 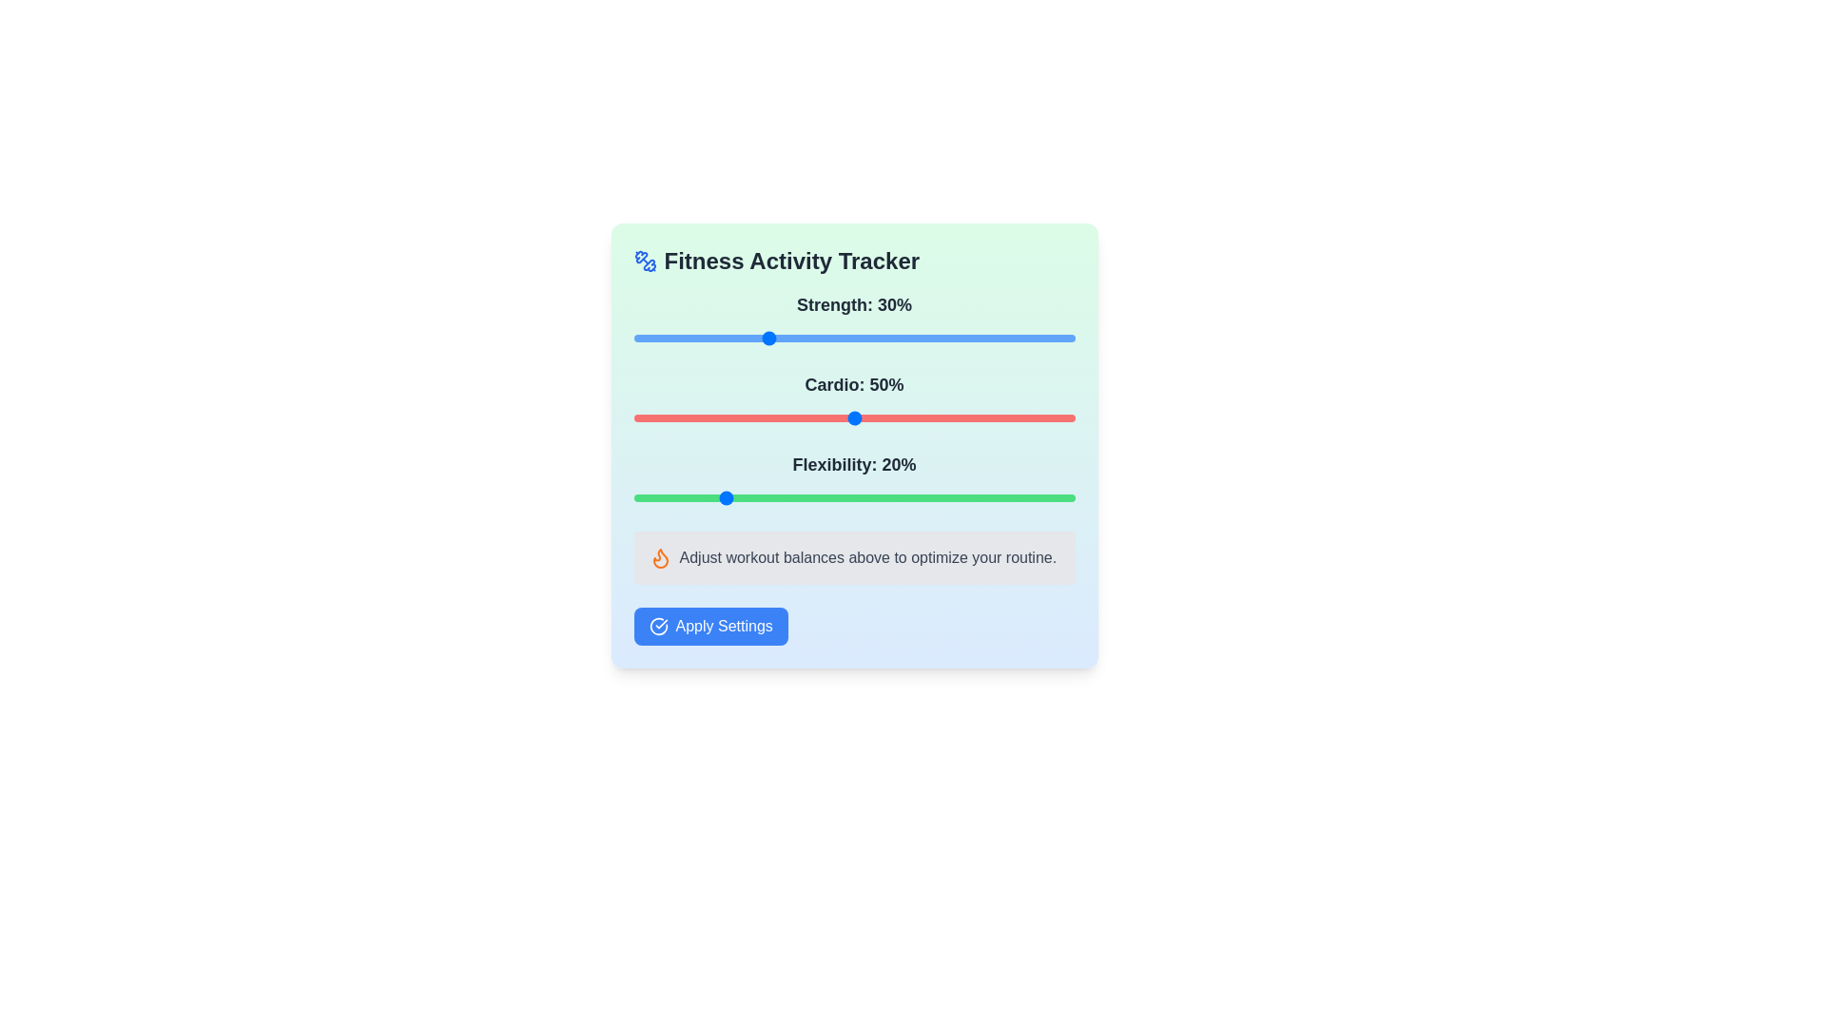 I want to click on the Cardio slider, so click(x=880, y=417).